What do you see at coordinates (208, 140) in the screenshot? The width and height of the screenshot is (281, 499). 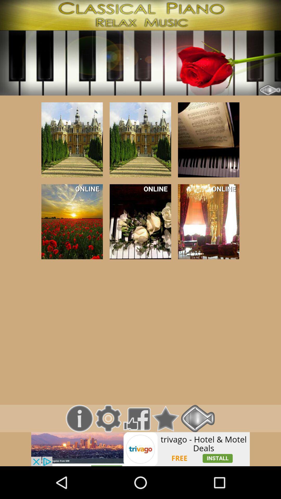 I see `picture of a piano` at bounding box center [208, 140].